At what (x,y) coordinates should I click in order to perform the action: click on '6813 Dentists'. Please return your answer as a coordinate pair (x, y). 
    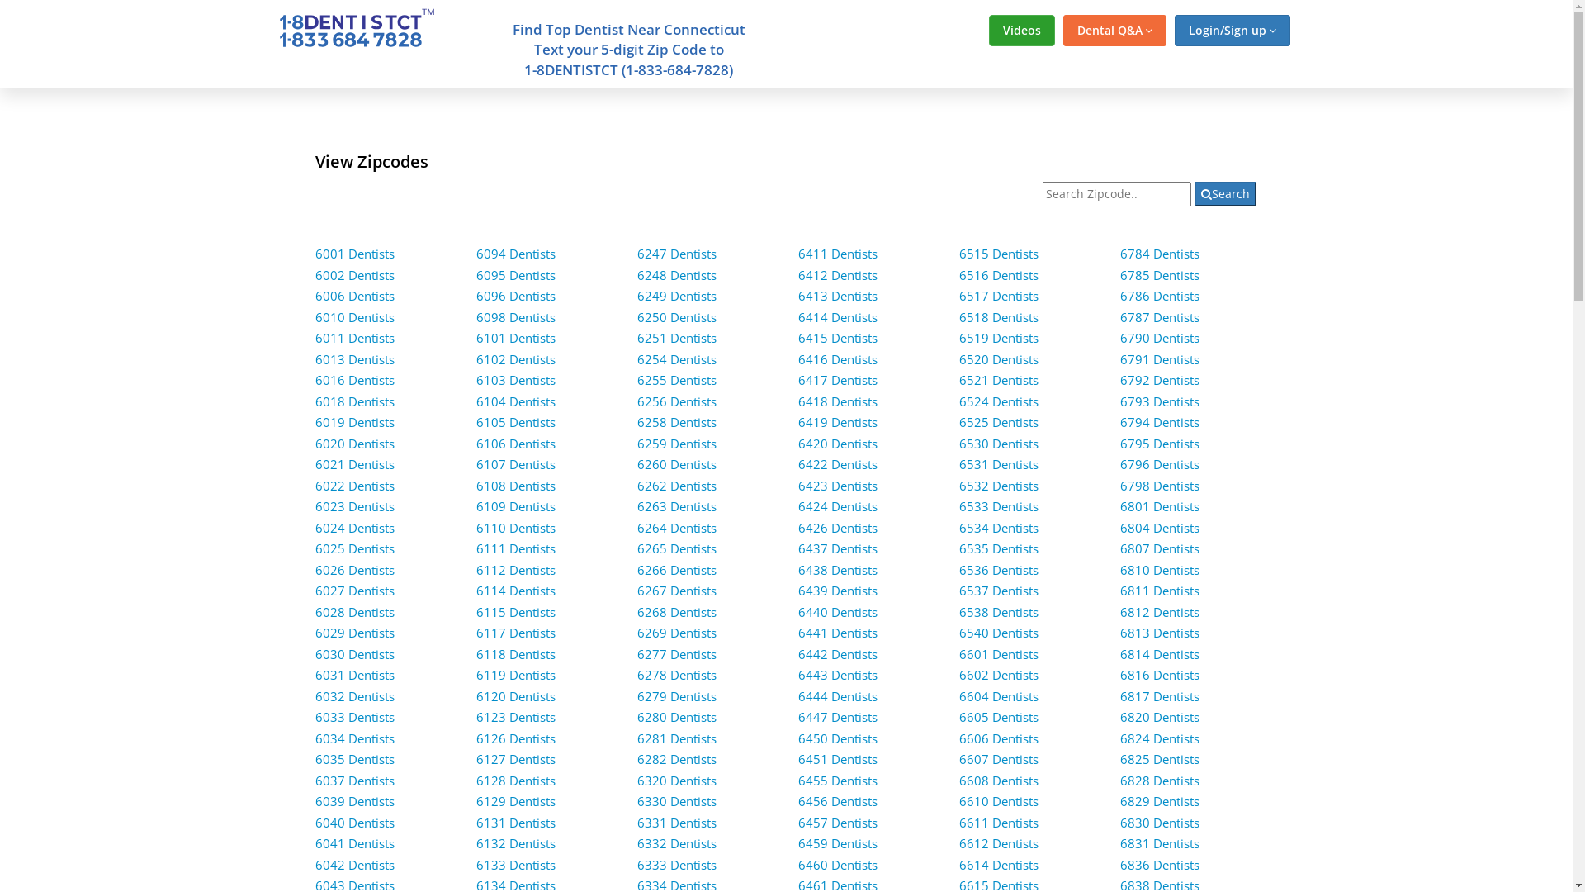
    Looking at the image, I should click on (1159, 632).